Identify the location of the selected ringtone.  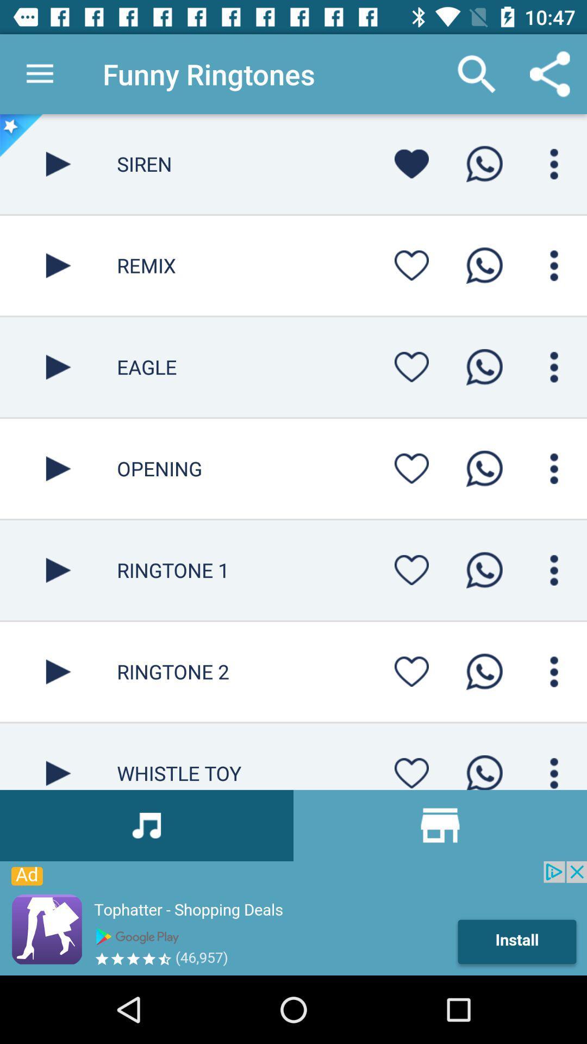
(58, 569).